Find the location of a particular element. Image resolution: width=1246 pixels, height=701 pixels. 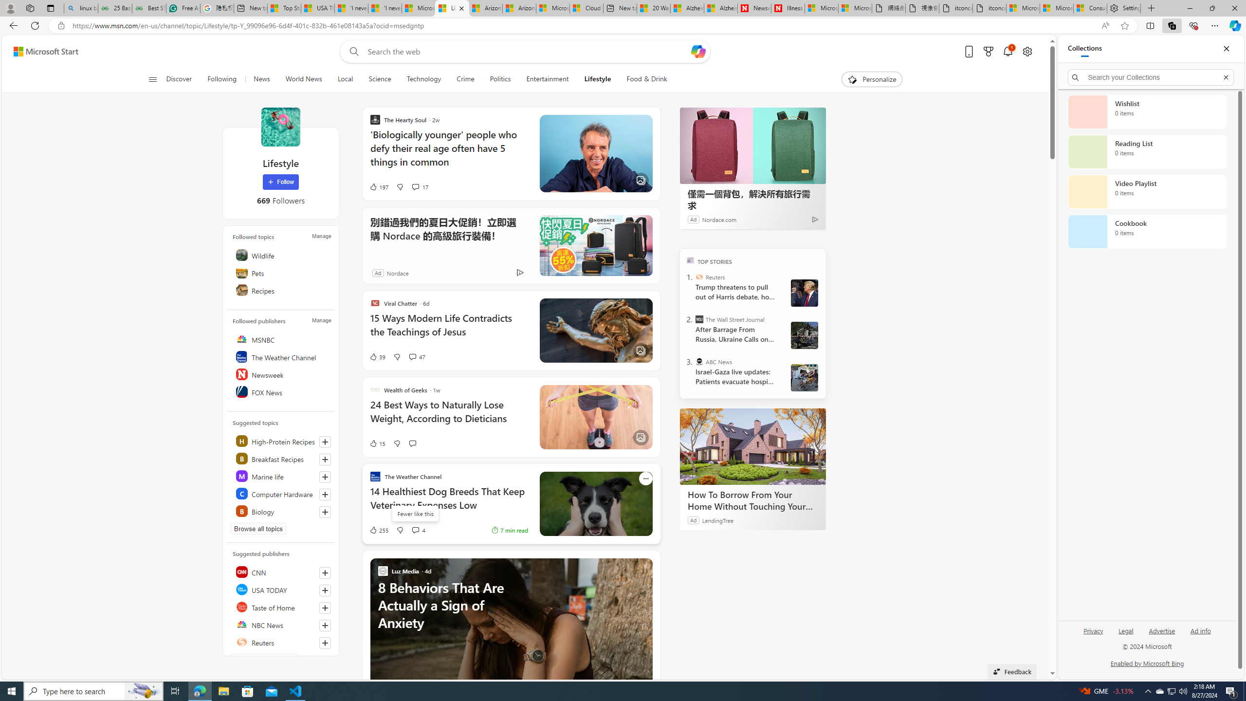

'Reading List collection, 0 items' is located at coordinates (1147, 151).